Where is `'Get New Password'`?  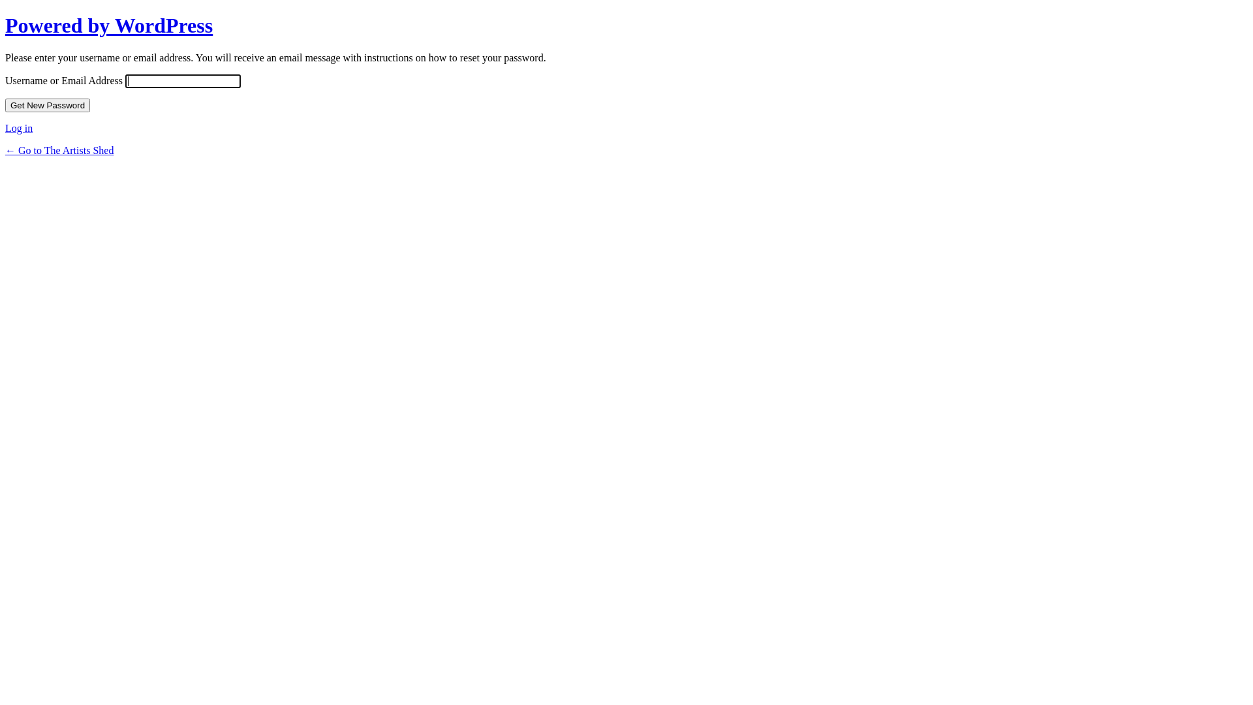
'Get New Password' is located at coordinates (47, 104).